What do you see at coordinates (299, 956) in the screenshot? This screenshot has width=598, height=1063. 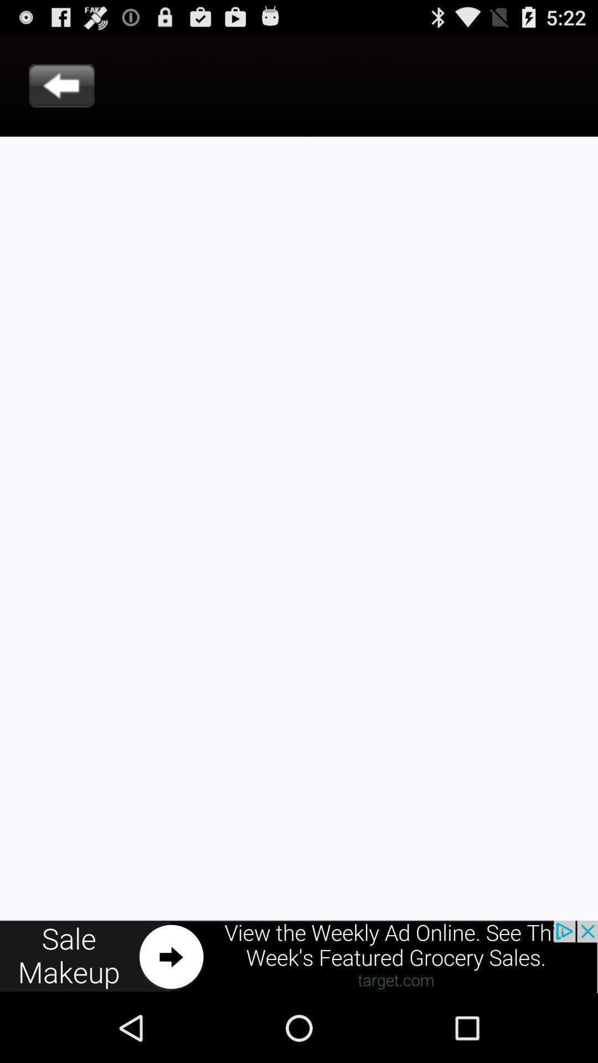 I see `open advertisement` at bounding box center [299, 956].